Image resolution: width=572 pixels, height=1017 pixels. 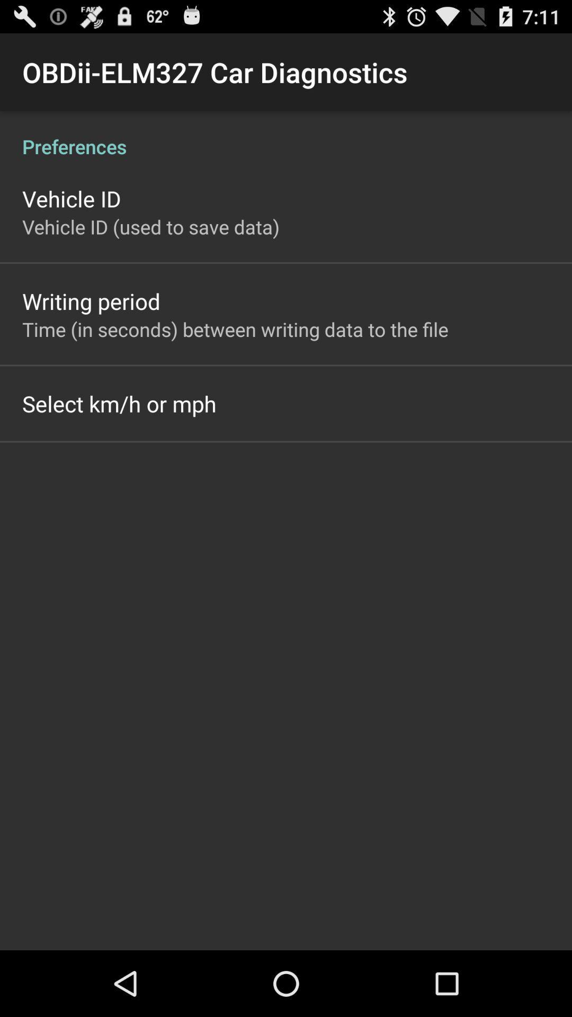 What do you see at coordinates (91, 300) in the screenshot?
I see `writing period item` at bounding box center [91, 300].